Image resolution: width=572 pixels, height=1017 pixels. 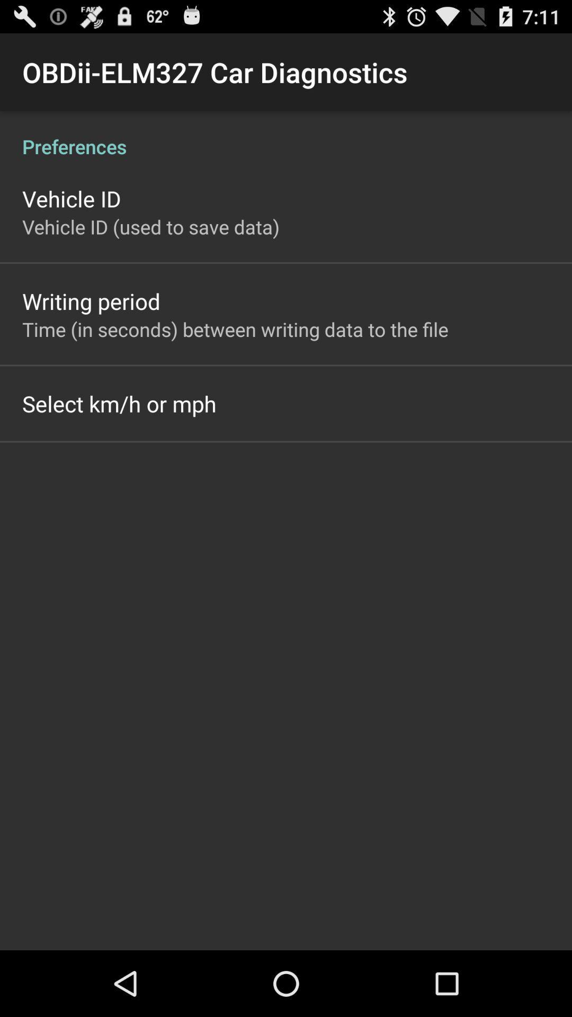 What do you see at coordinates (91, 300) in the screenshot?
I see `writing period item` at bounding box center [91, 300].